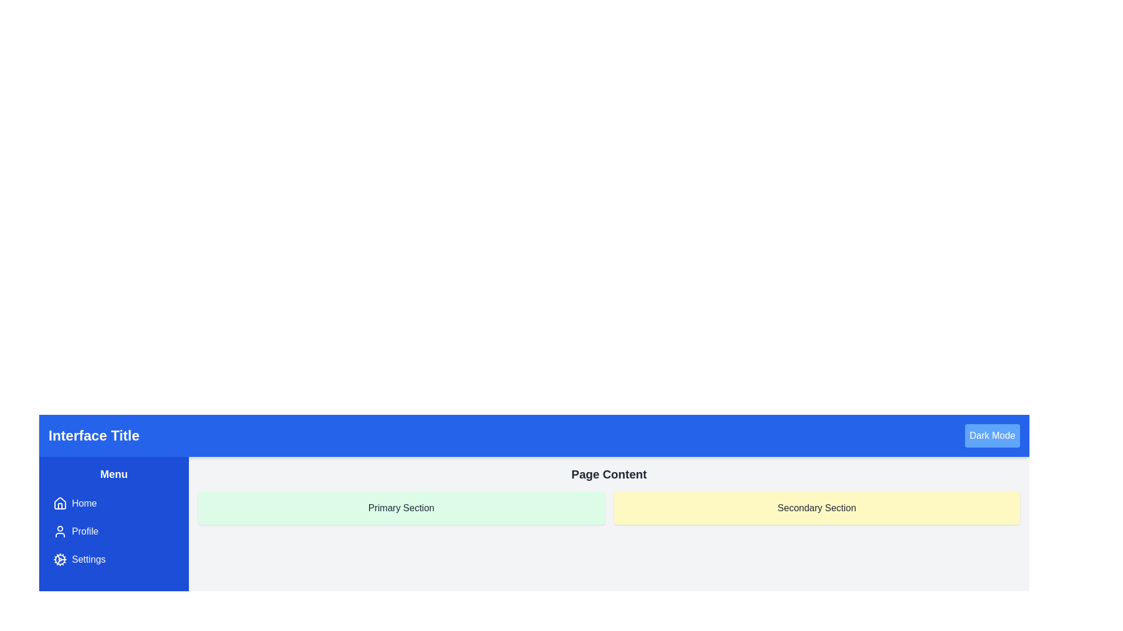  I want to click on the second item in the vertical menu list on the left side, which is dedicated, so click(114, 532).